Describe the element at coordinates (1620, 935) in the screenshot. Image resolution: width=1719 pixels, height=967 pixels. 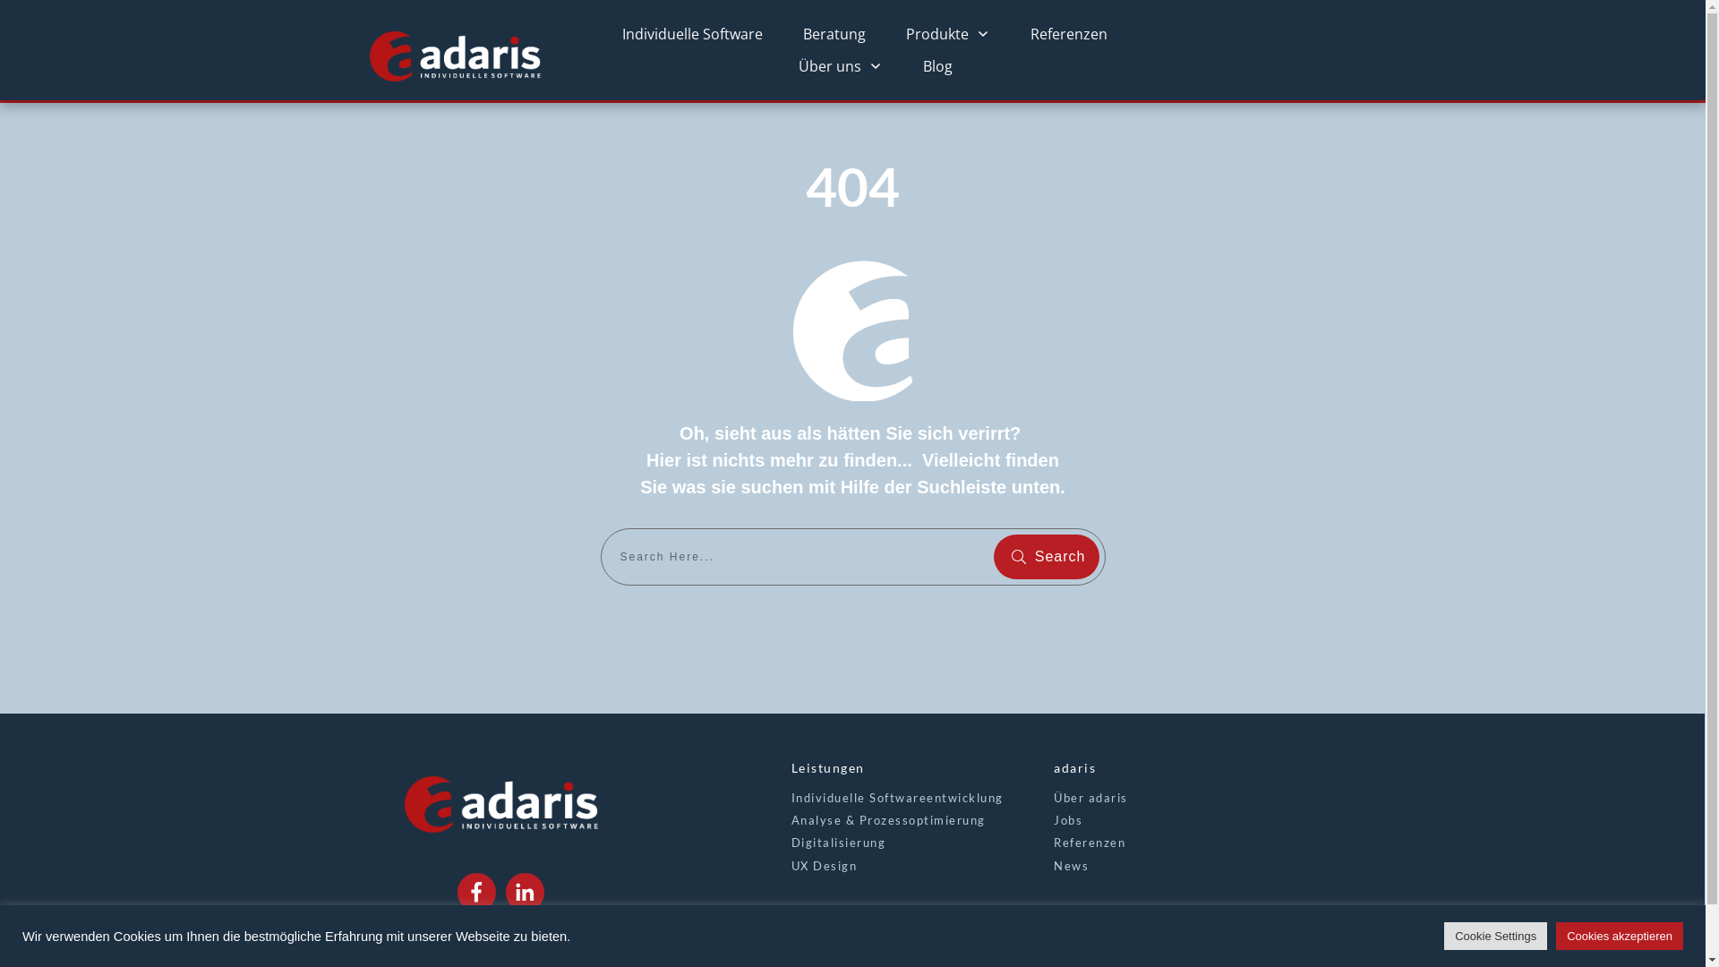
I see `'Cookies akzeptieren'` at that location.